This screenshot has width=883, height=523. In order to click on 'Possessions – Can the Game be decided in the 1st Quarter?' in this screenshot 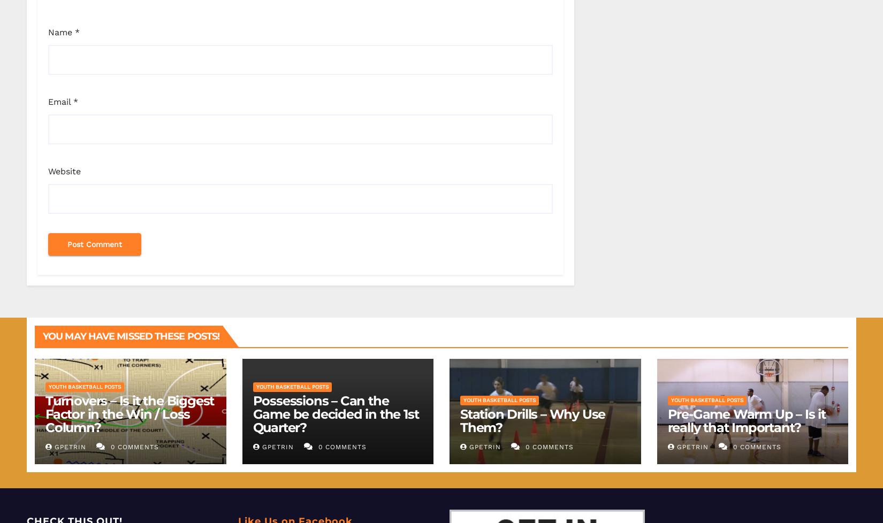, I will do `click(252, 413)`.